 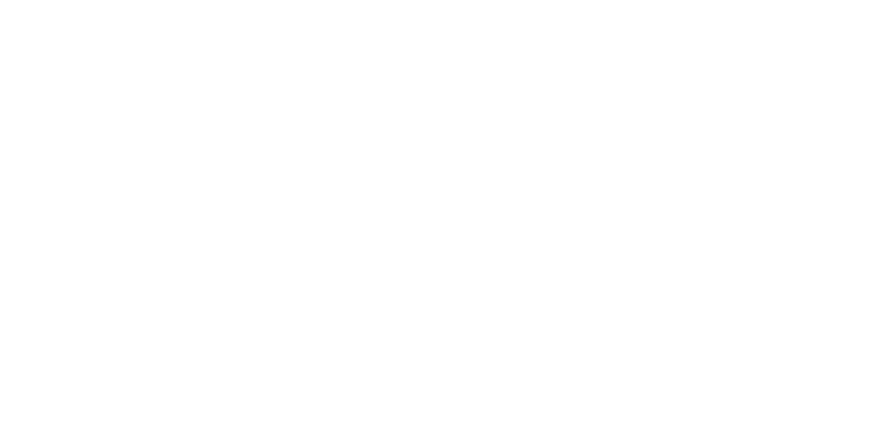 I want to click on 'Introduction to Web Forms ASP Help', so click(x=230, y=138).